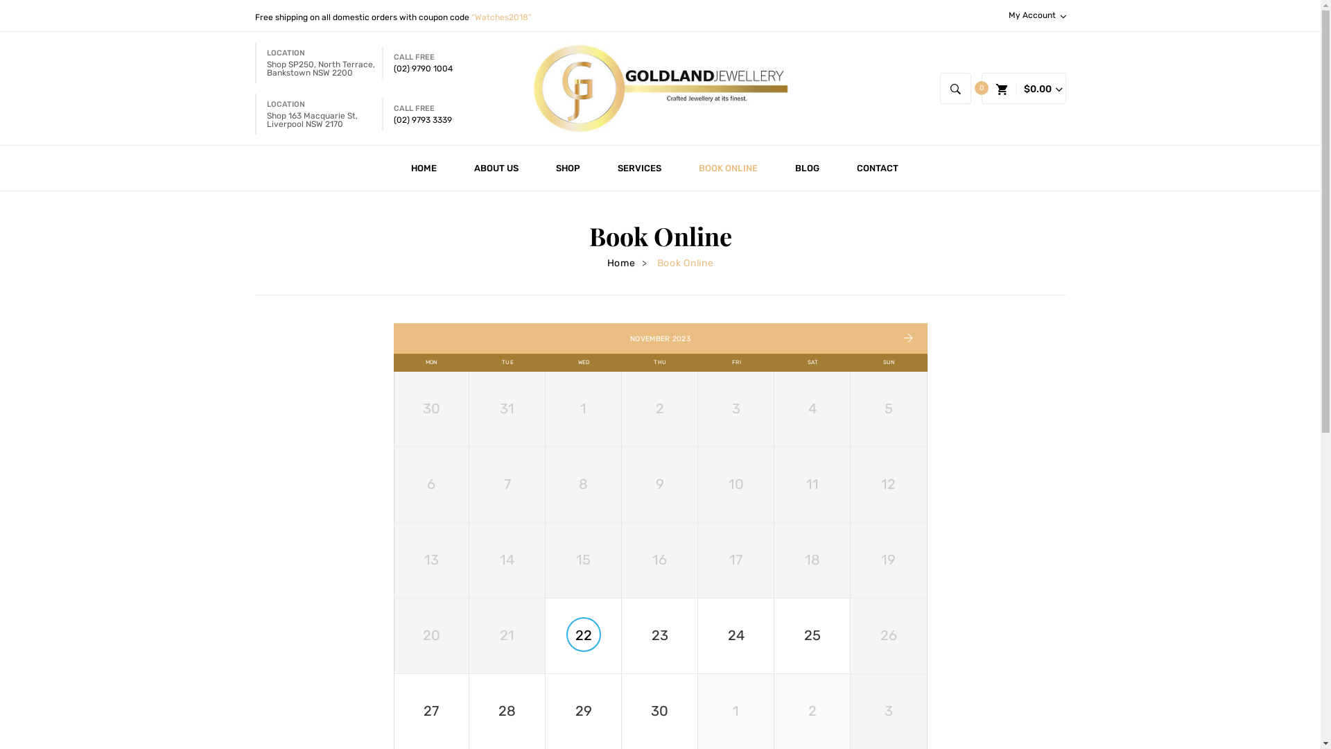 The width and height of the screenshot is (1331, 749). Describe the element at coordinates (807, 167) in the screenshot. I see `'BLOG'` at that location.